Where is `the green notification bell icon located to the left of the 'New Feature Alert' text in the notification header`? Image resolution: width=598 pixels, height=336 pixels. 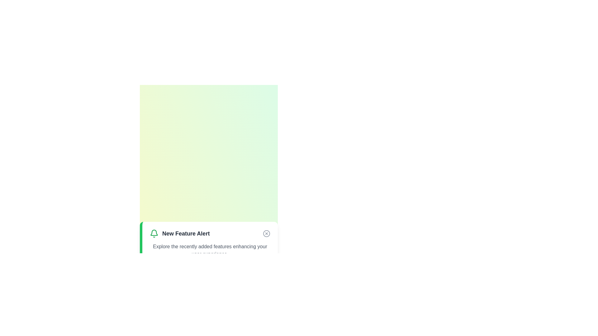 the green notification bell icon located to the left of the 'New Feature Alert' text in the notification header is located at coordinates (154, 233).